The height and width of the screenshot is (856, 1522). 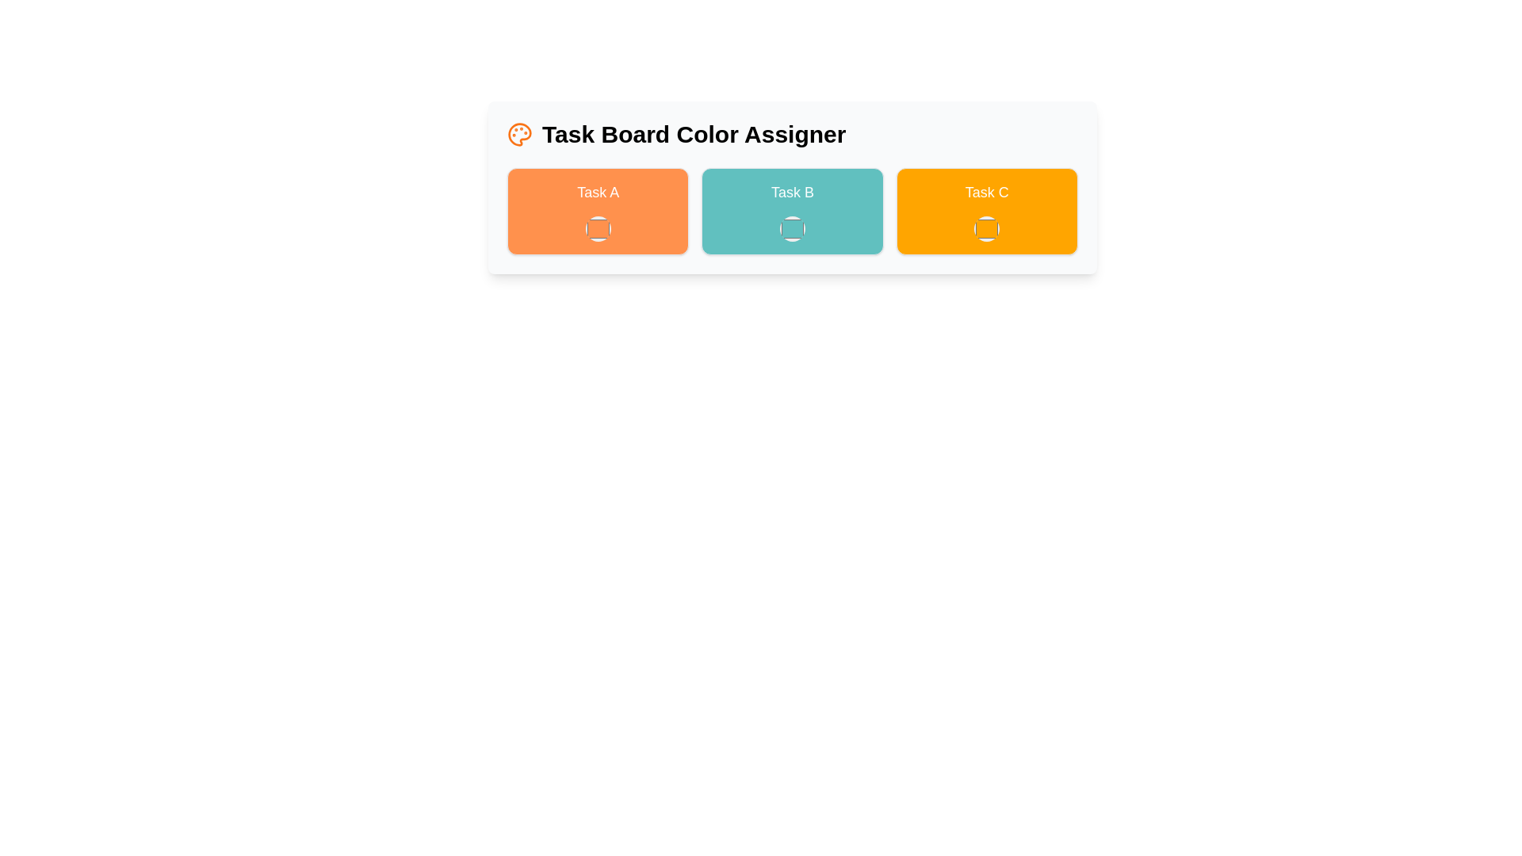 I want to click on the leftmost task card representing 'Task A' in the 'Task Board Color Assigner' interface, so click(x=597, y=210).